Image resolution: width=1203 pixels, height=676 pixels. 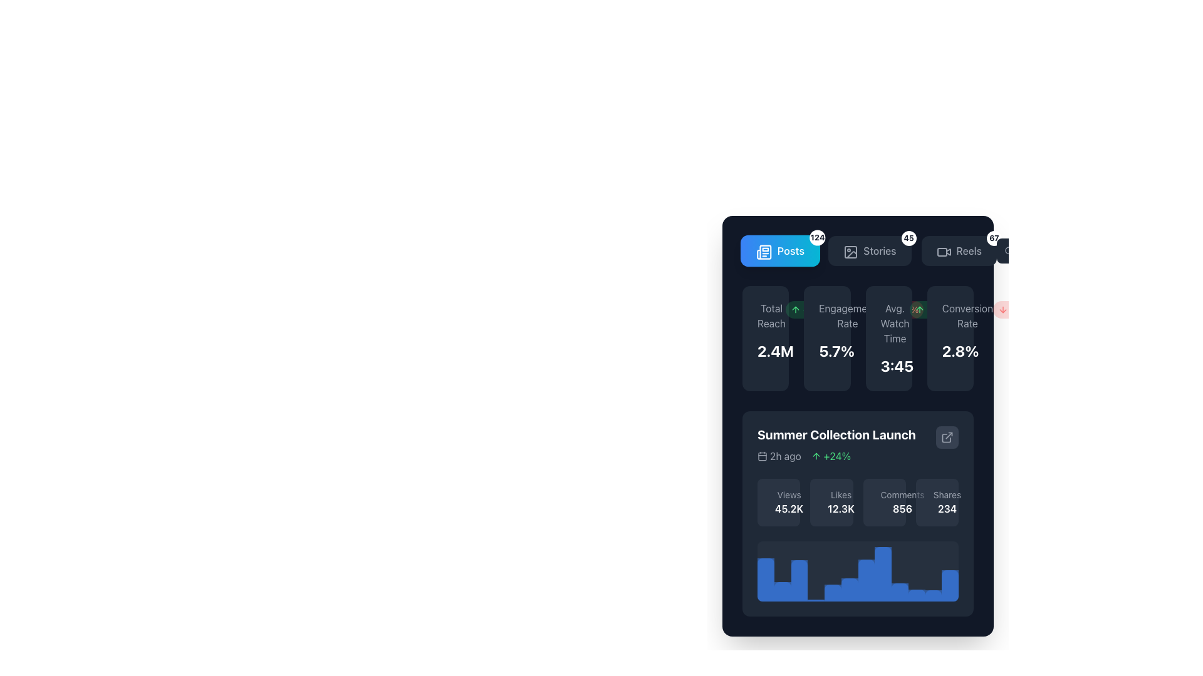 What do you see at coordinates (795, 309) in the screenshot?
I see `the increase indicator icon located next to the 'Total Reach' label in the top section of the dashboard, which visually represents a positive trend in the associated metric` at bounding box center [795, 309].